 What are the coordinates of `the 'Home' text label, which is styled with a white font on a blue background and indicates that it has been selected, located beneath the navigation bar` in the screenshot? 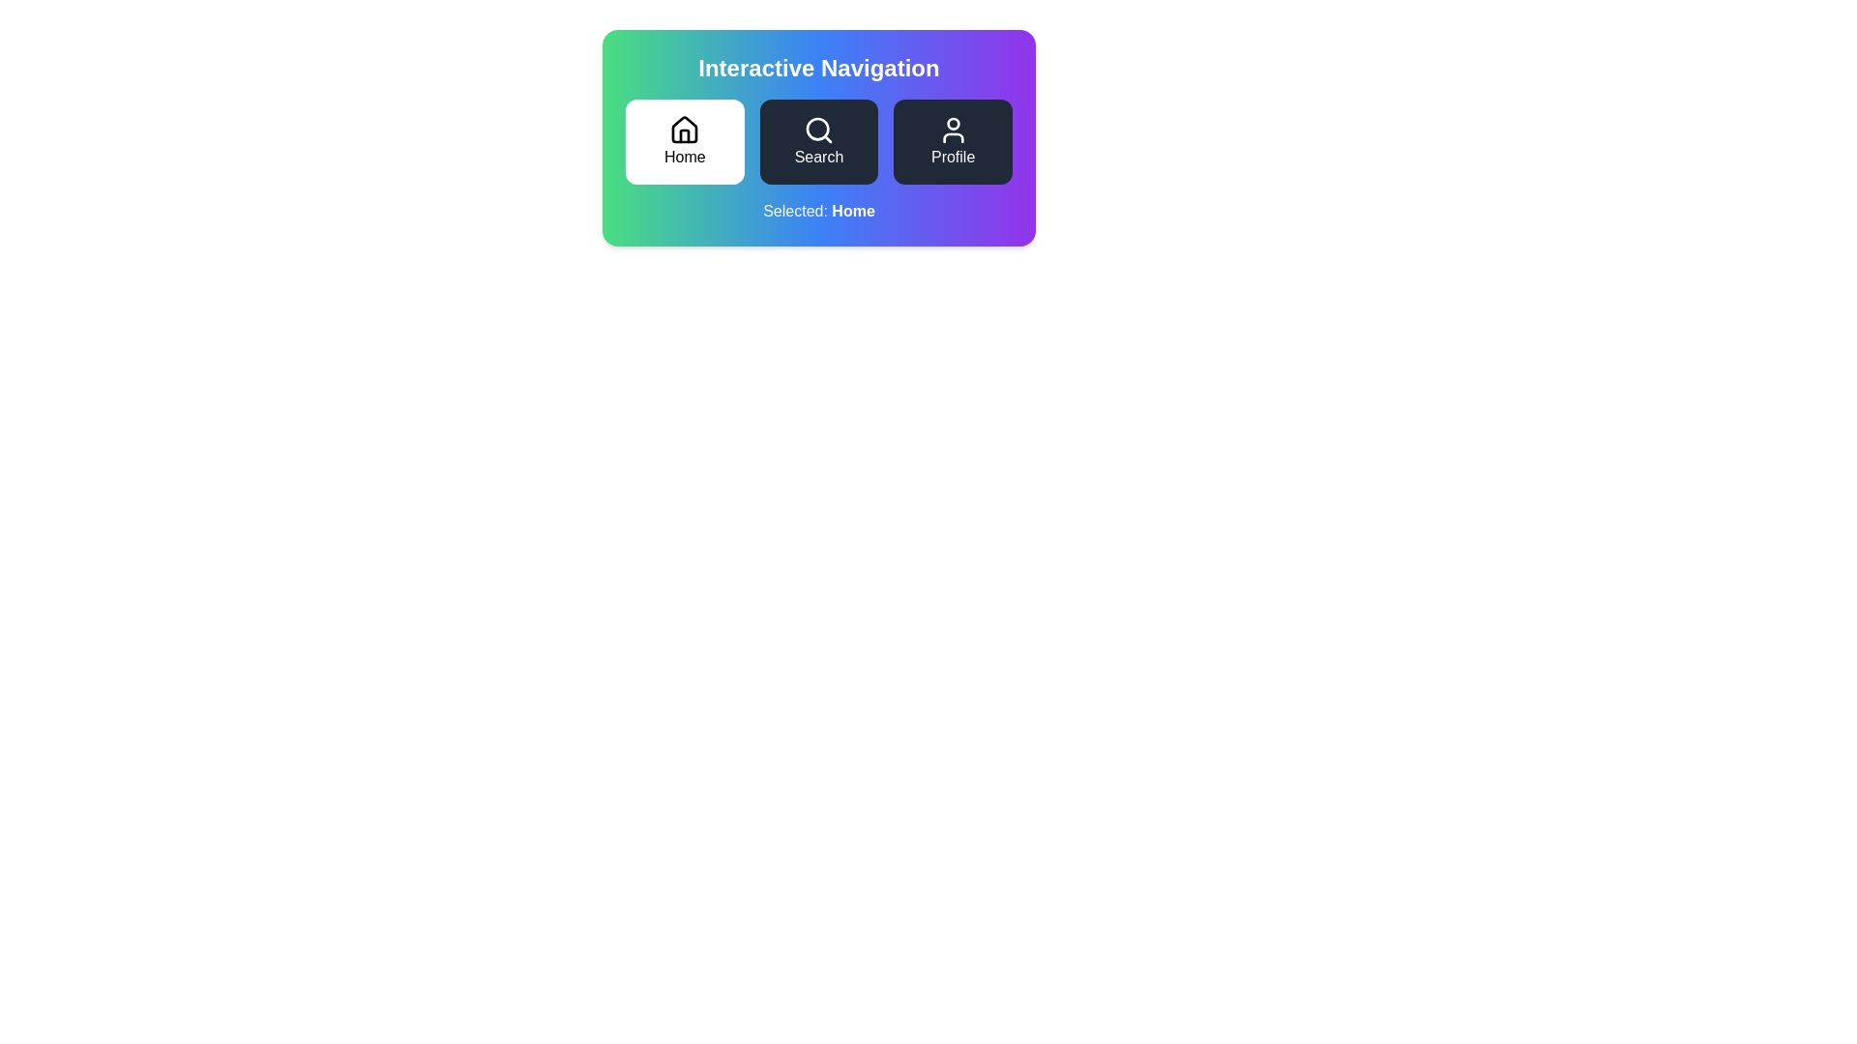 It's located at (852, 211).